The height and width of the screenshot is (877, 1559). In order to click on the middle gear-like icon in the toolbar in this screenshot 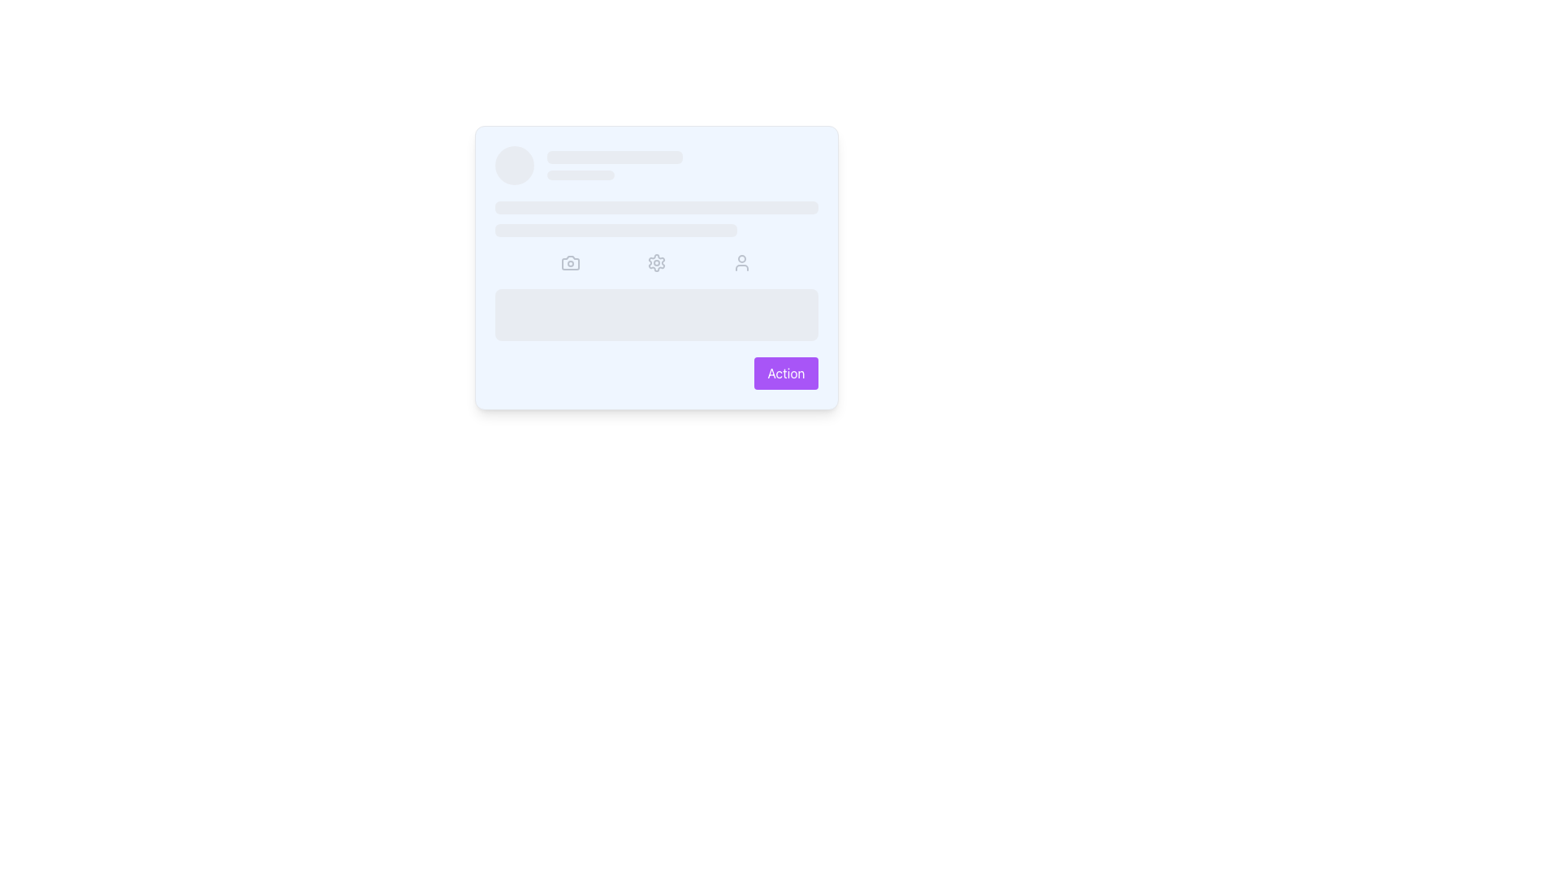, I will do `click(656, 262)`.